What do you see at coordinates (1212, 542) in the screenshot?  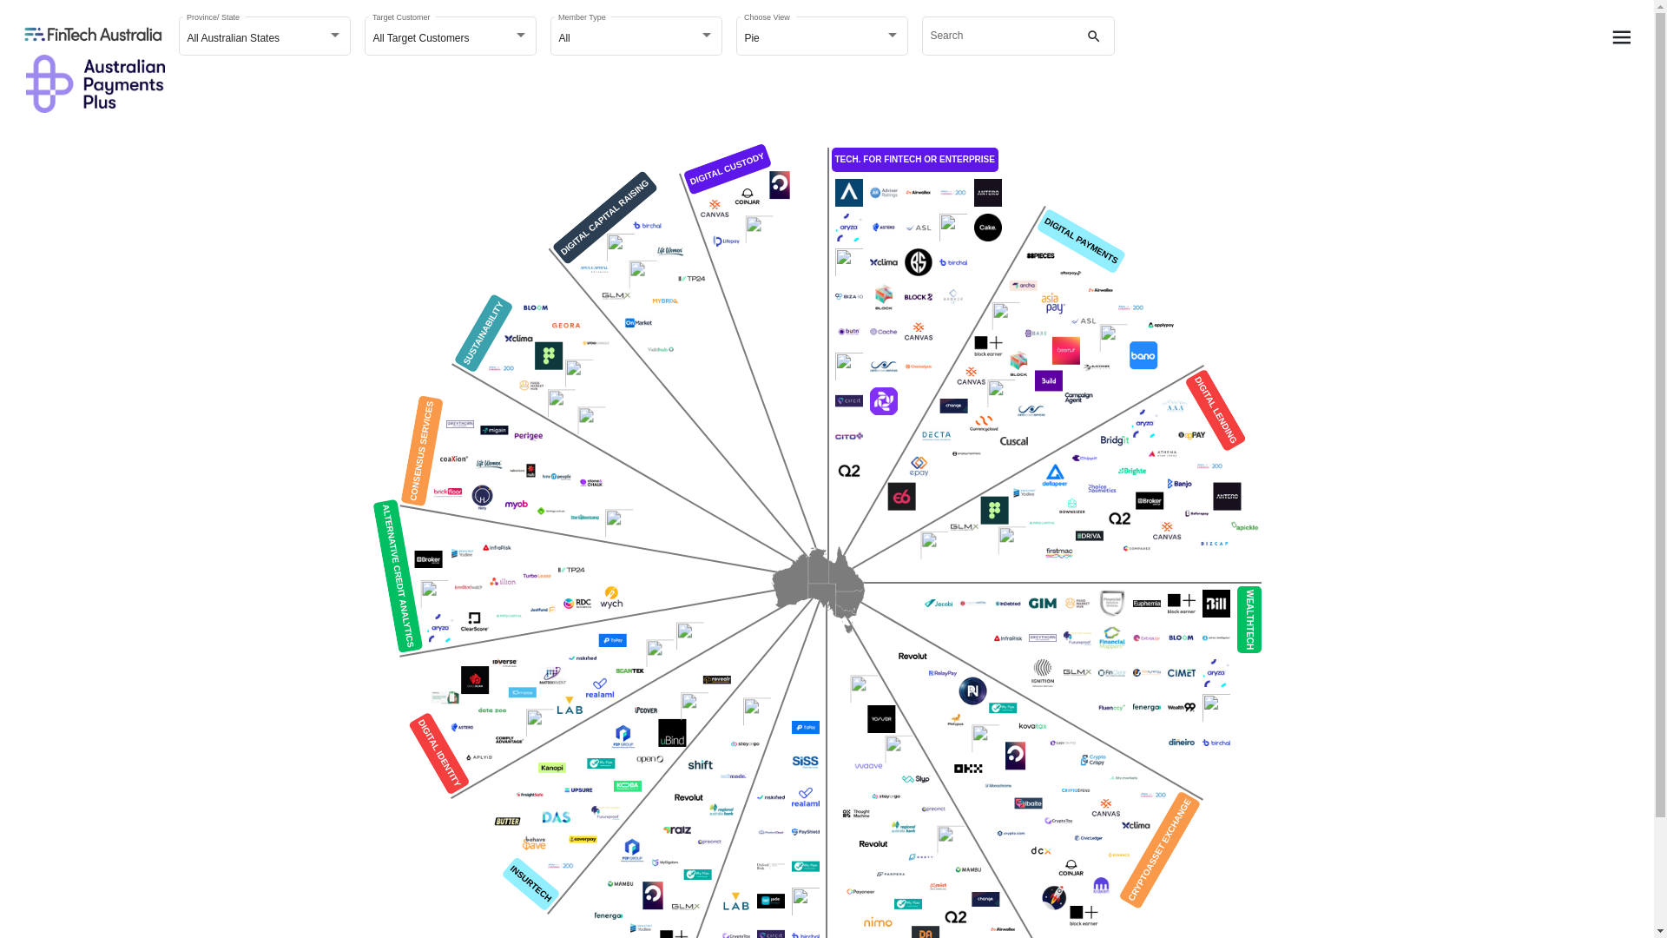 I see `'Bizcap'` at bounding box center [1212, 542].